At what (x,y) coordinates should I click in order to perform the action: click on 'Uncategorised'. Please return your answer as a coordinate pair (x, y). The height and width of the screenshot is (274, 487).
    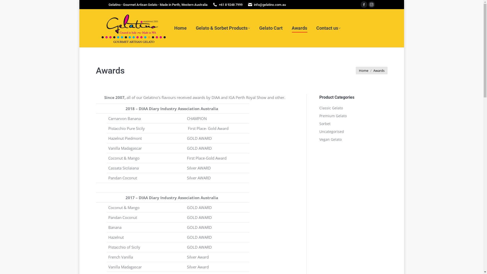
    Looking at the image, I should click on (319, 131).